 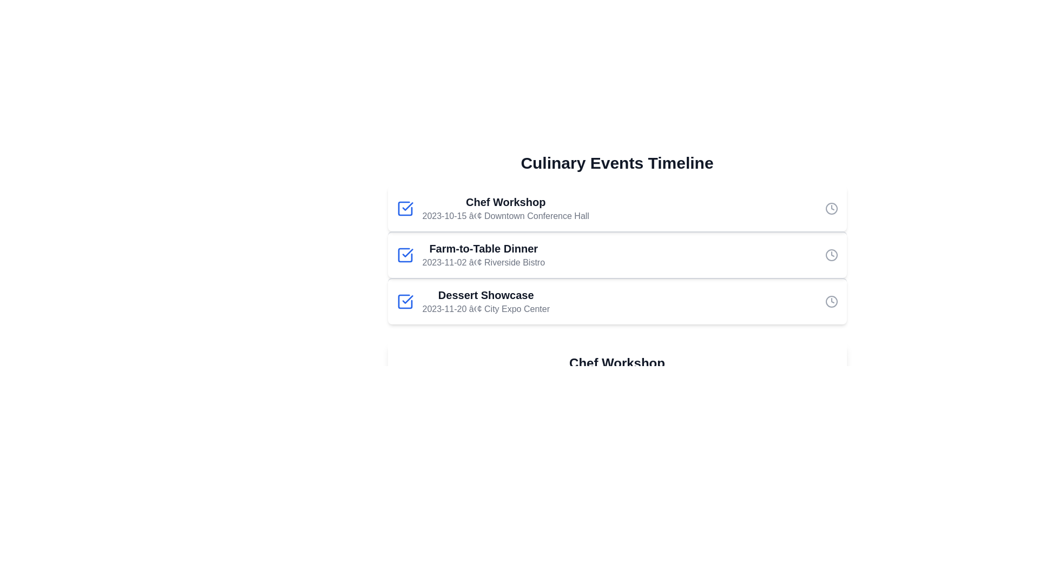 What do you see at coordinates (505, 216) in the screenshot?
I see `the Text display that provides details about the 'Chef Workshop' event, located below the header within the event card layout` at bounding box center [505, 216].